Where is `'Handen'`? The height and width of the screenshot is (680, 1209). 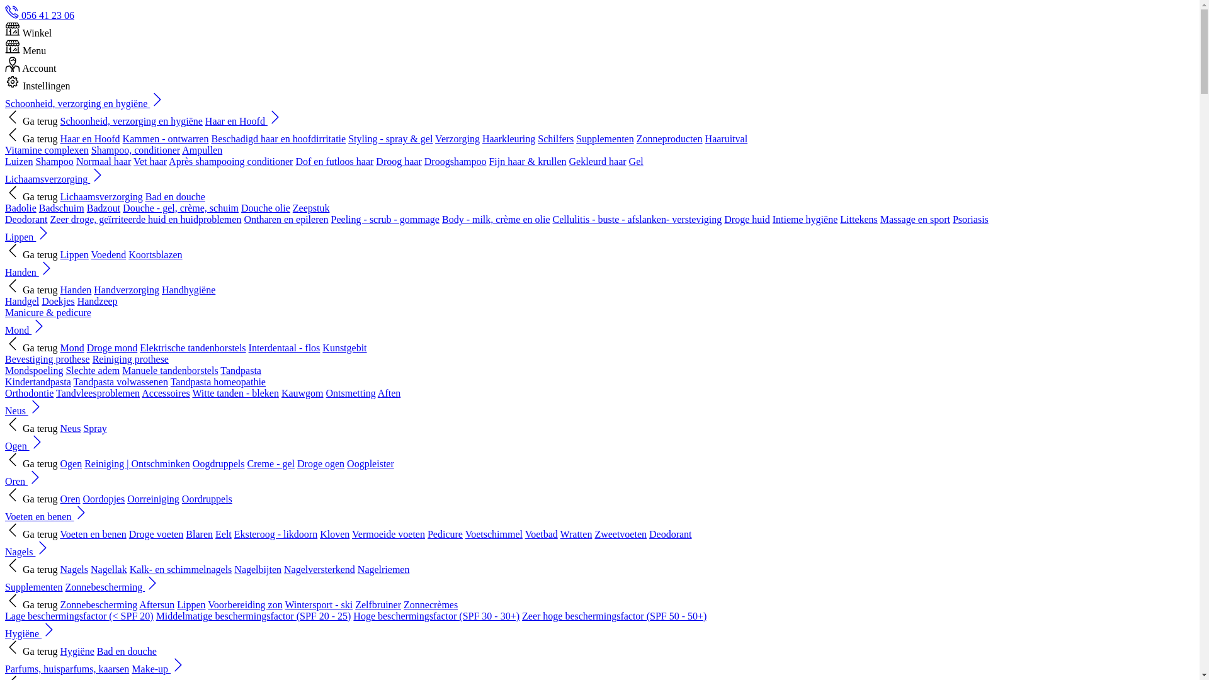 'Handen' is located at coordinates (5, 271).